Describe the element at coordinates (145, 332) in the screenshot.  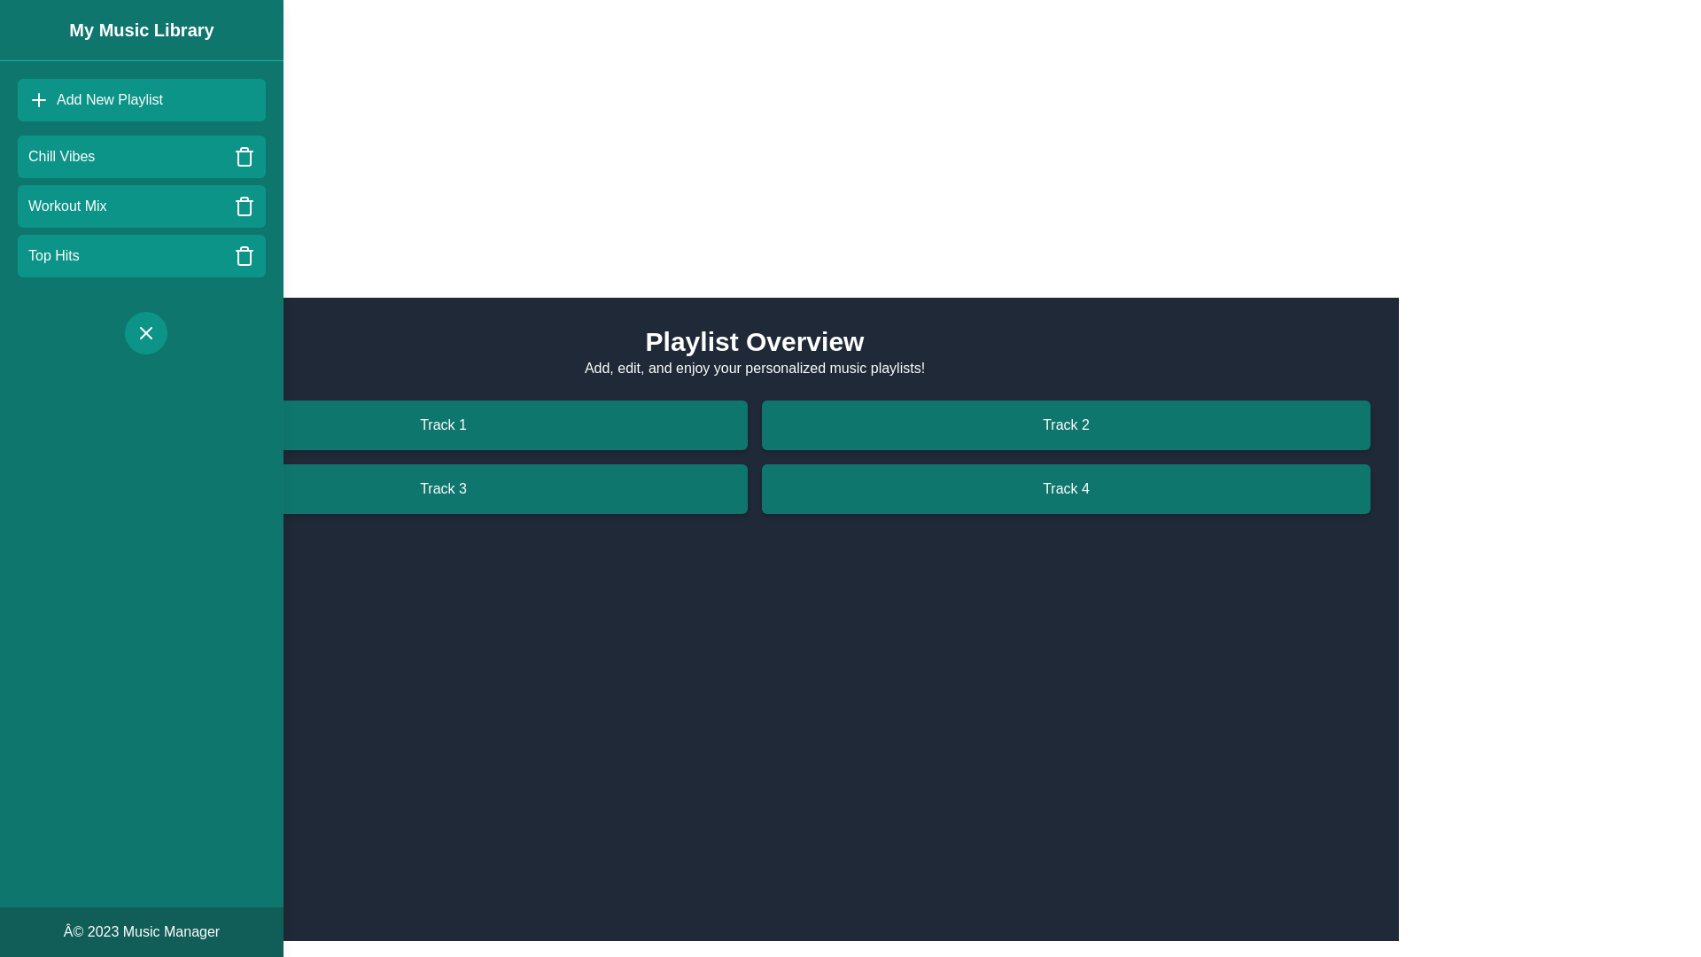
I see `the close or delete icon button located on the left side panel, centered within a circular teal button` at that location.